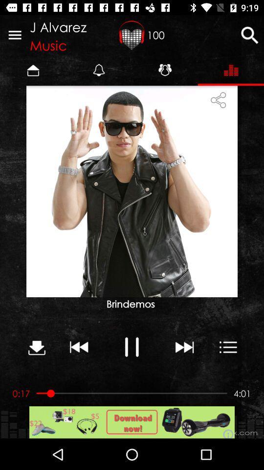  I want to click on the search icon, so click(249, 35).